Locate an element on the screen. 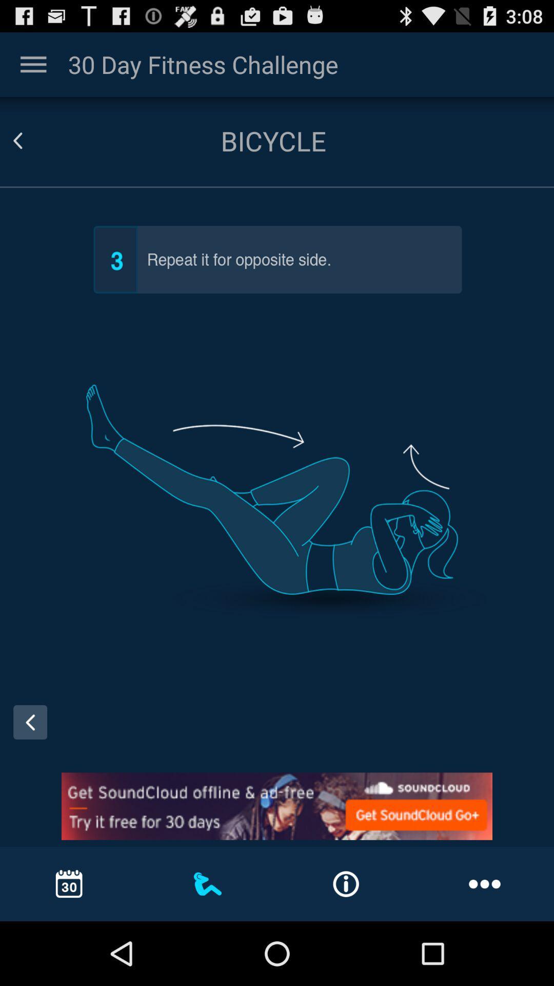 The width and height of the screenshot is (554, 986). the arrow_backward icon is located at coordinates (30, 773).